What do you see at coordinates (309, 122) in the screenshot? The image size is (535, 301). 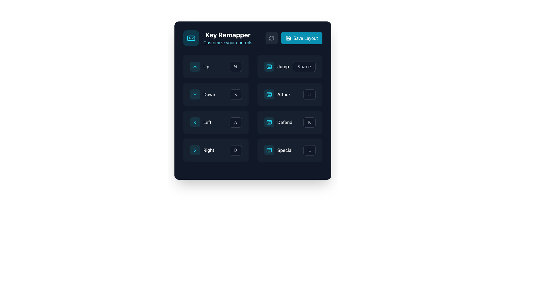 I see `the button with the letter 'K', which is the fourth button in the grid layout's last row` at bounding box center [309, 122].